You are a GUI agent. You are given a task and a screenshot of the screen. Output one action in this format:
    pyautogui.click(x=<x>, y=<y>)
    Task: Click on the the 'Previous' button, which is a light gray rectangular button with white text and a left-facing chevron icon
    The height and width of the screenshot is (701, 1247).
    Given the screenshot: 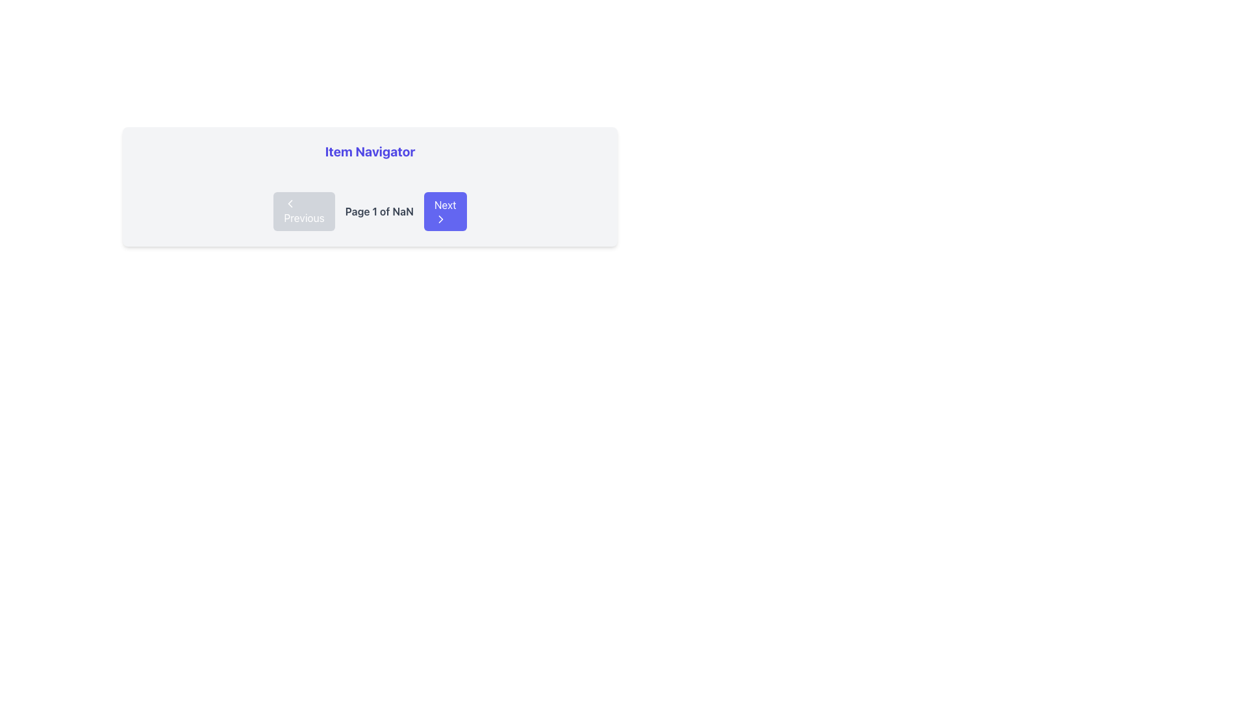 What is the action you would take?
    pyautogui.click(x=303, y=211)
    